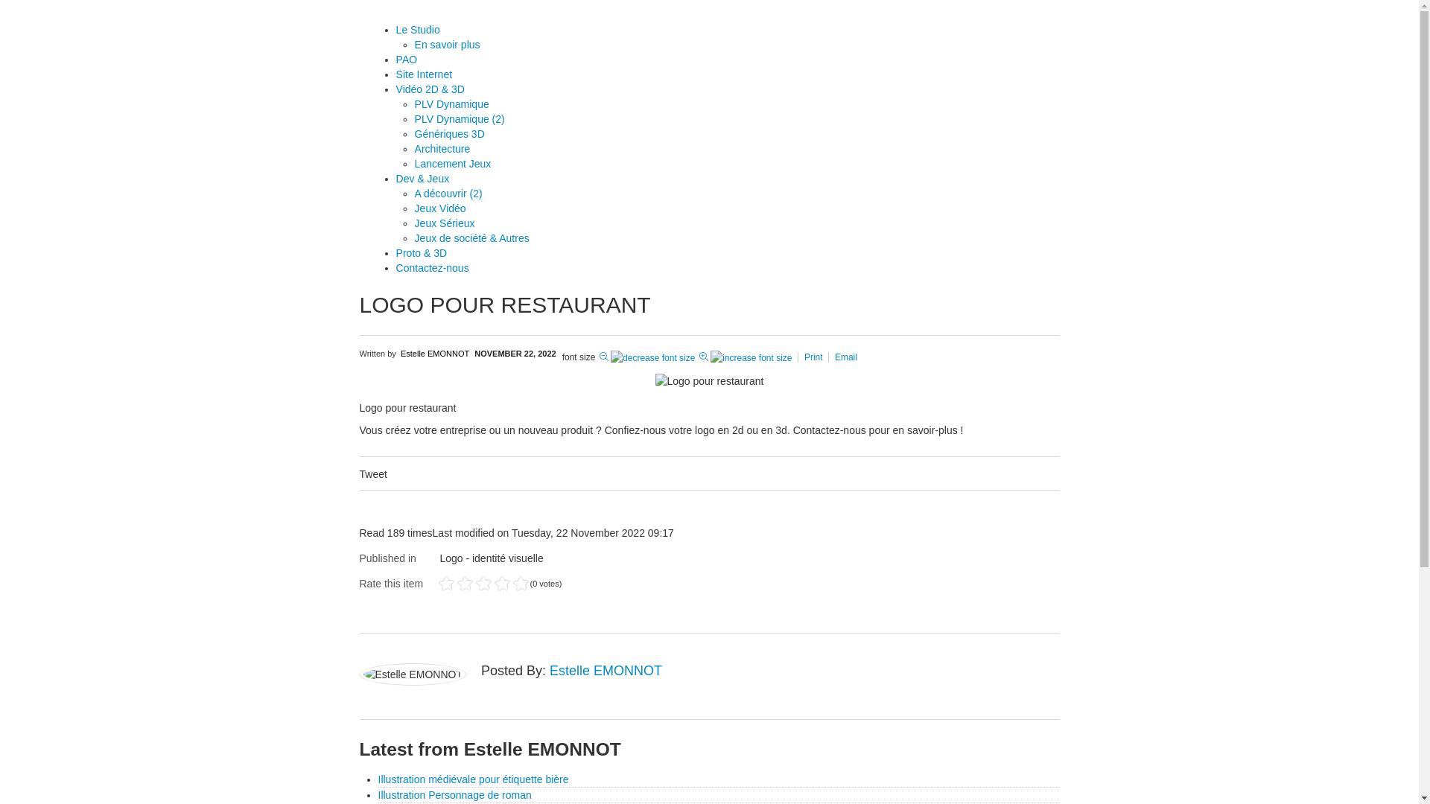  Describe the element at coordinates (445, 583) in the screenshot. I see `'1'` at that location.